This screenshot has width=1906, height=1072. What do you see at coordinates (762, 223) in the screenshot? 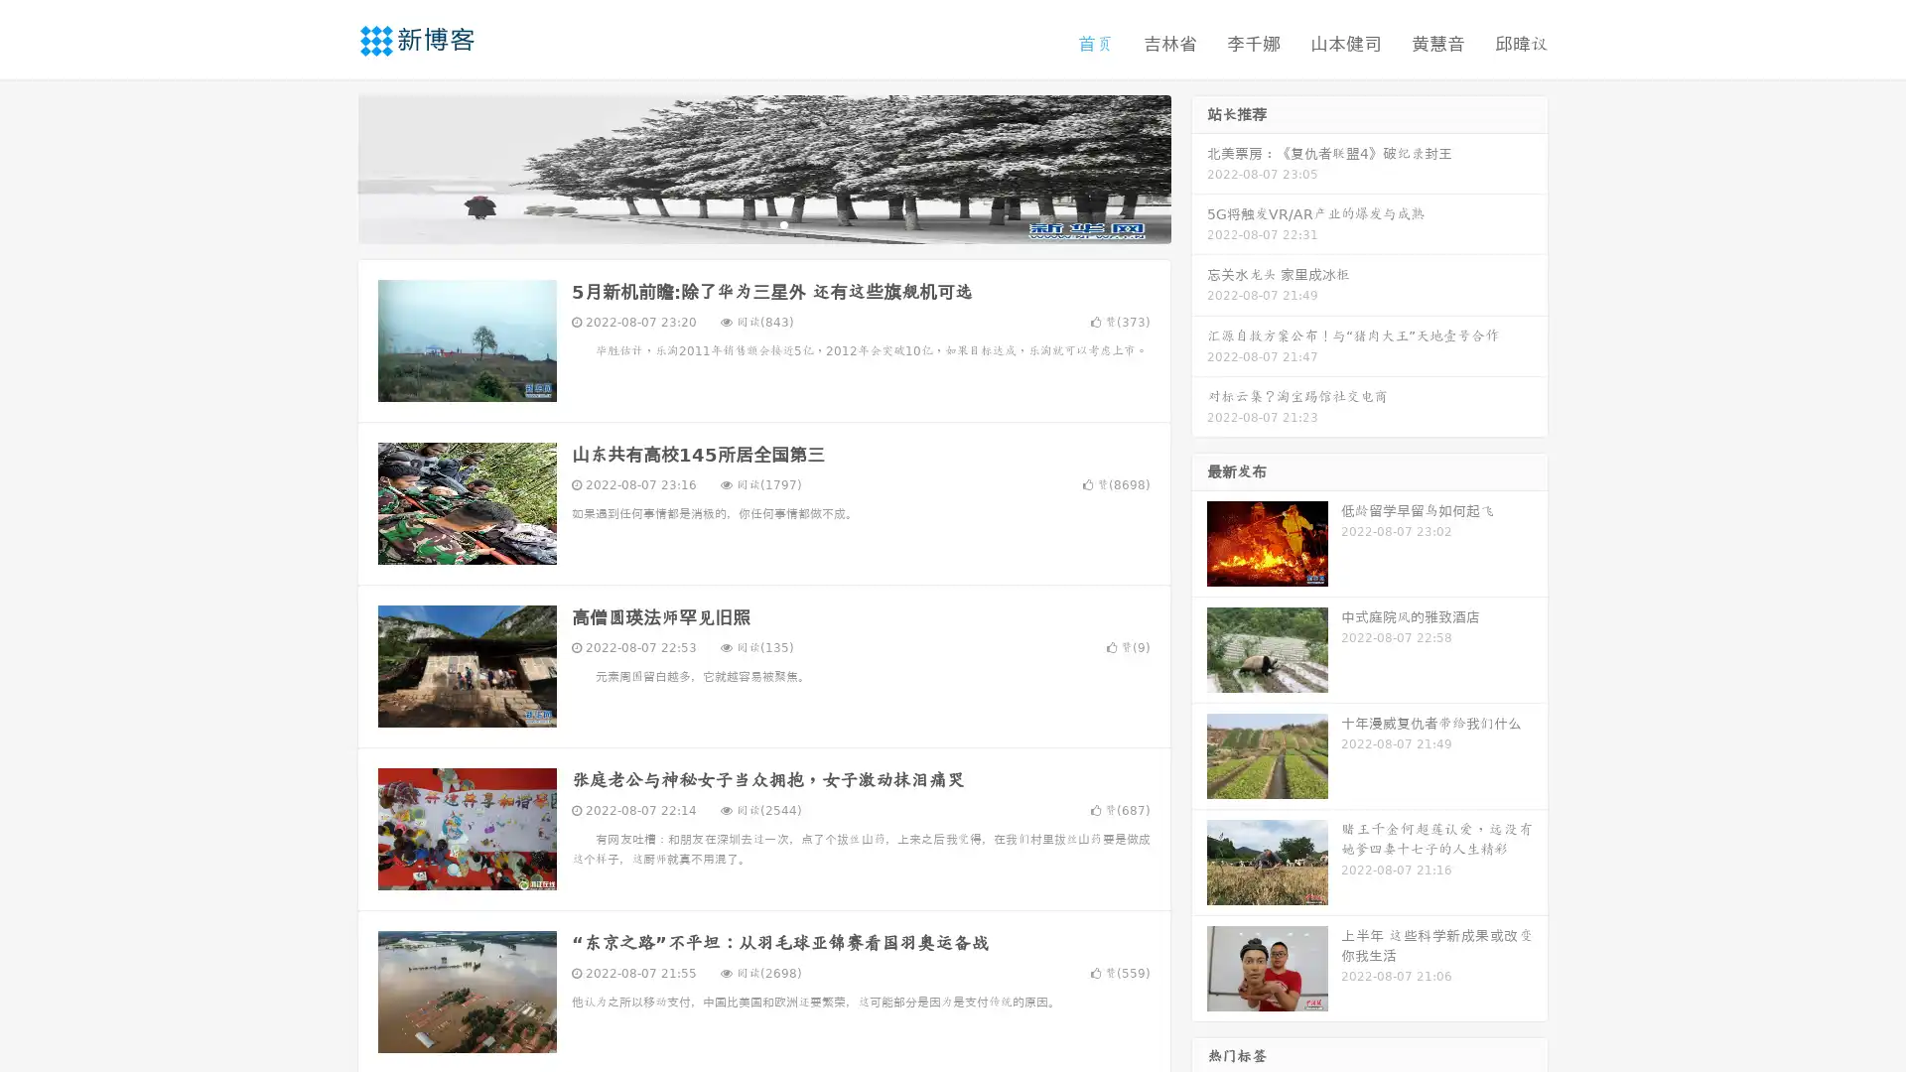
I see `Go to slide 2` at bounding box center [762, 223].